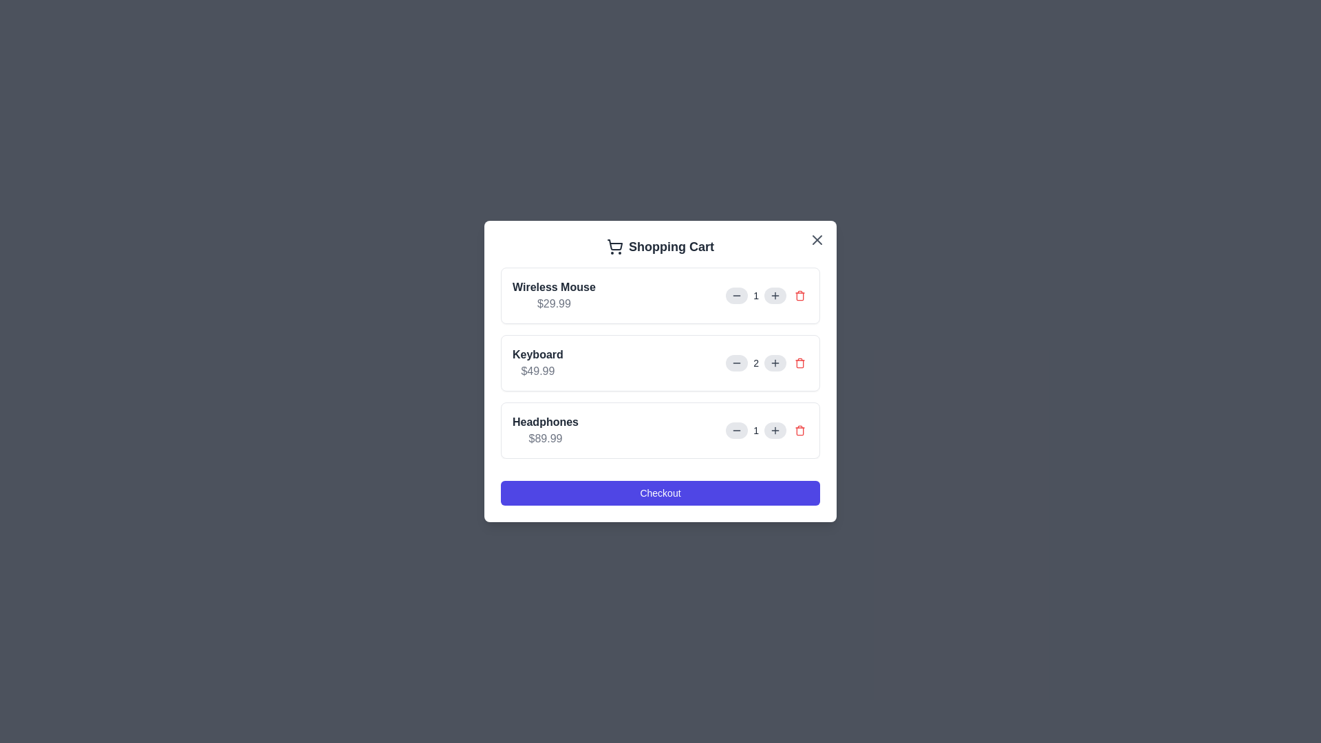  What do you see at coordinates (799, 429) in the screenshot?
I see `the third icon to the right of the quantity controls in the 'Headphones' row of the shopping cart` at bounding box center [799, 429].